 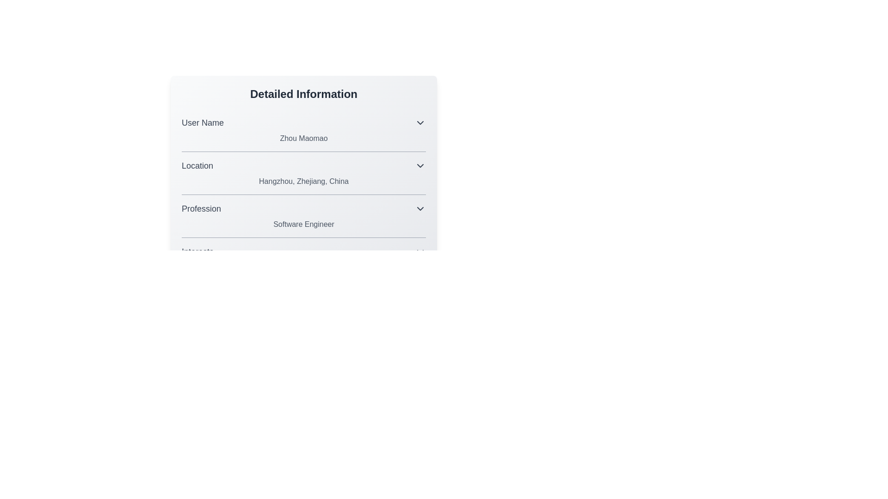 What do you see at coordinates (304, 216) in the screenshot?
I see `the 'Profession' dropdown label, which includes the text 'Software Engineer' and a dropdown arrow icon` at bounding box center [304, 216].